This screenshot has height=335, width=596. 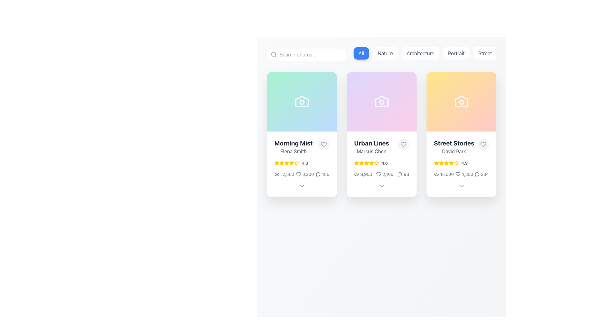 I want to click on the camera icon with a circular lens at its center, which is located centrally within the second card of a three-card horizontal layout, themed with a violet-to-pink gradient background, so click(x=381, y=101).